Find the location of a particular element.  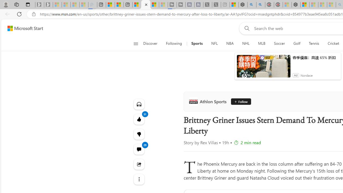

'NHL' is located at coordinates (245, 43).